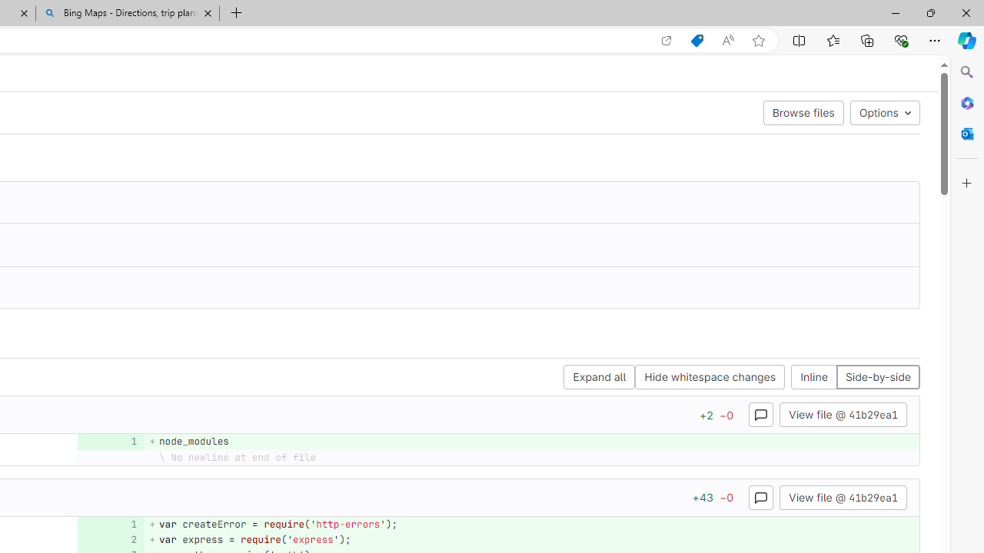 The height and width of the screenshot is (553, 984). I want to click on 'Open in app', so click(667, 40).